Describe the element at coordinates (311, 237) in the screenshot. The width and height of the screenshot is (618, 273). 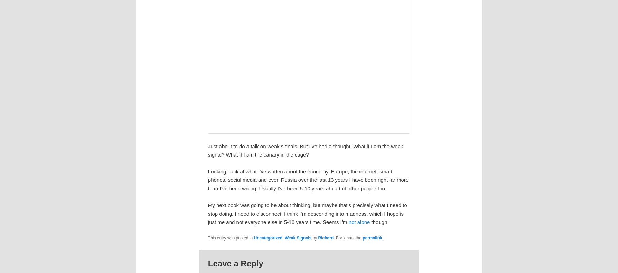
I see `'by'` at that location.